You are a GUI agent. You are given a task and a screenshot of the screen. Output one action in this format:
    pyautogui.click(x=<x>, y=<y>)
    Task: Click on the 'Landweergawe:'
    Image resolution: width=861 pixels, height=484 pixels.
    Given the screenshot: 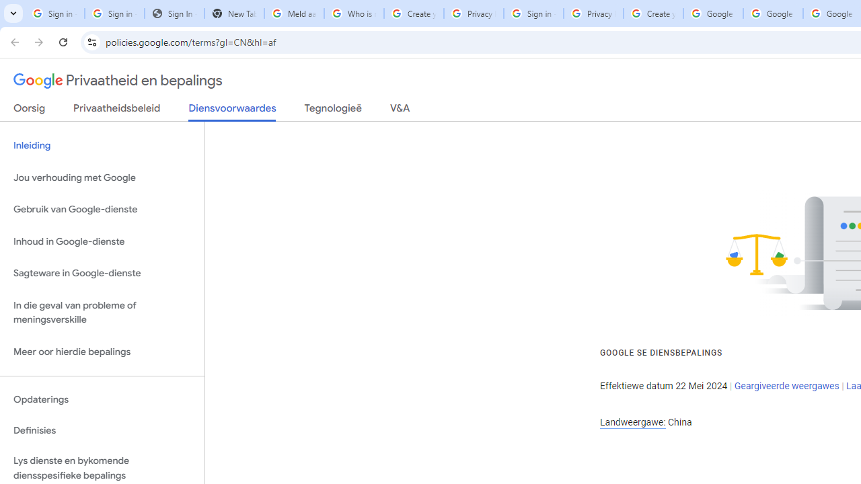 What is the action you would take?
    pyautogui.click(x=632, y=421)
    